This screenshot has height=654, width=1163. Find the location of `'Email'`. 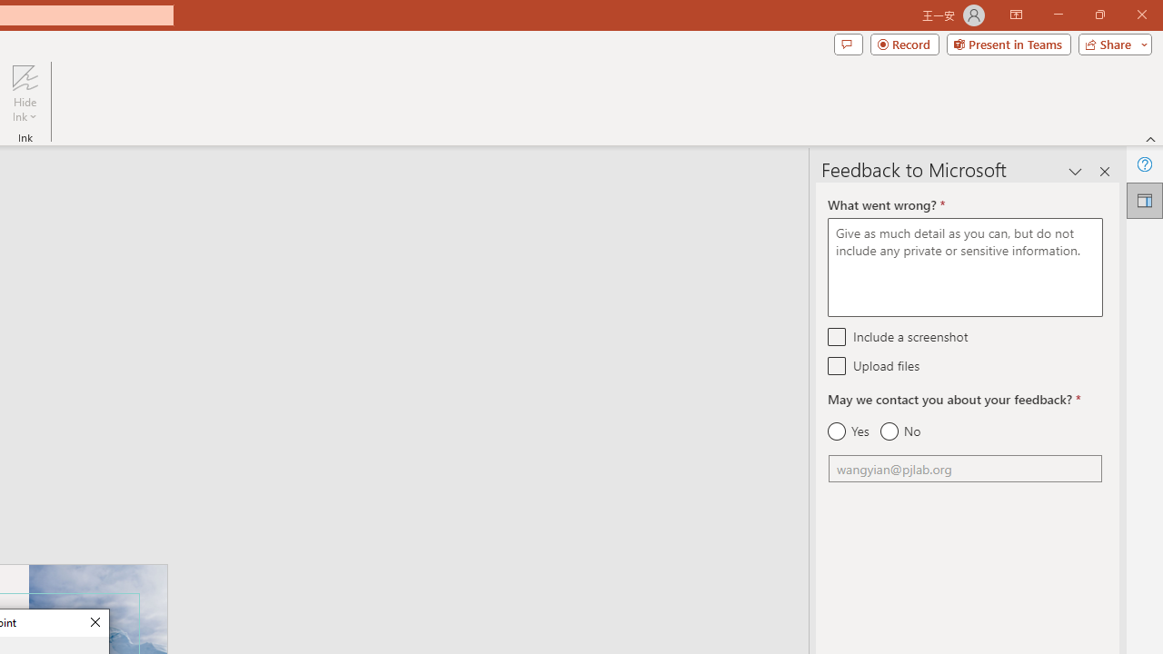

'Email' is located at coordinates (964, 468).